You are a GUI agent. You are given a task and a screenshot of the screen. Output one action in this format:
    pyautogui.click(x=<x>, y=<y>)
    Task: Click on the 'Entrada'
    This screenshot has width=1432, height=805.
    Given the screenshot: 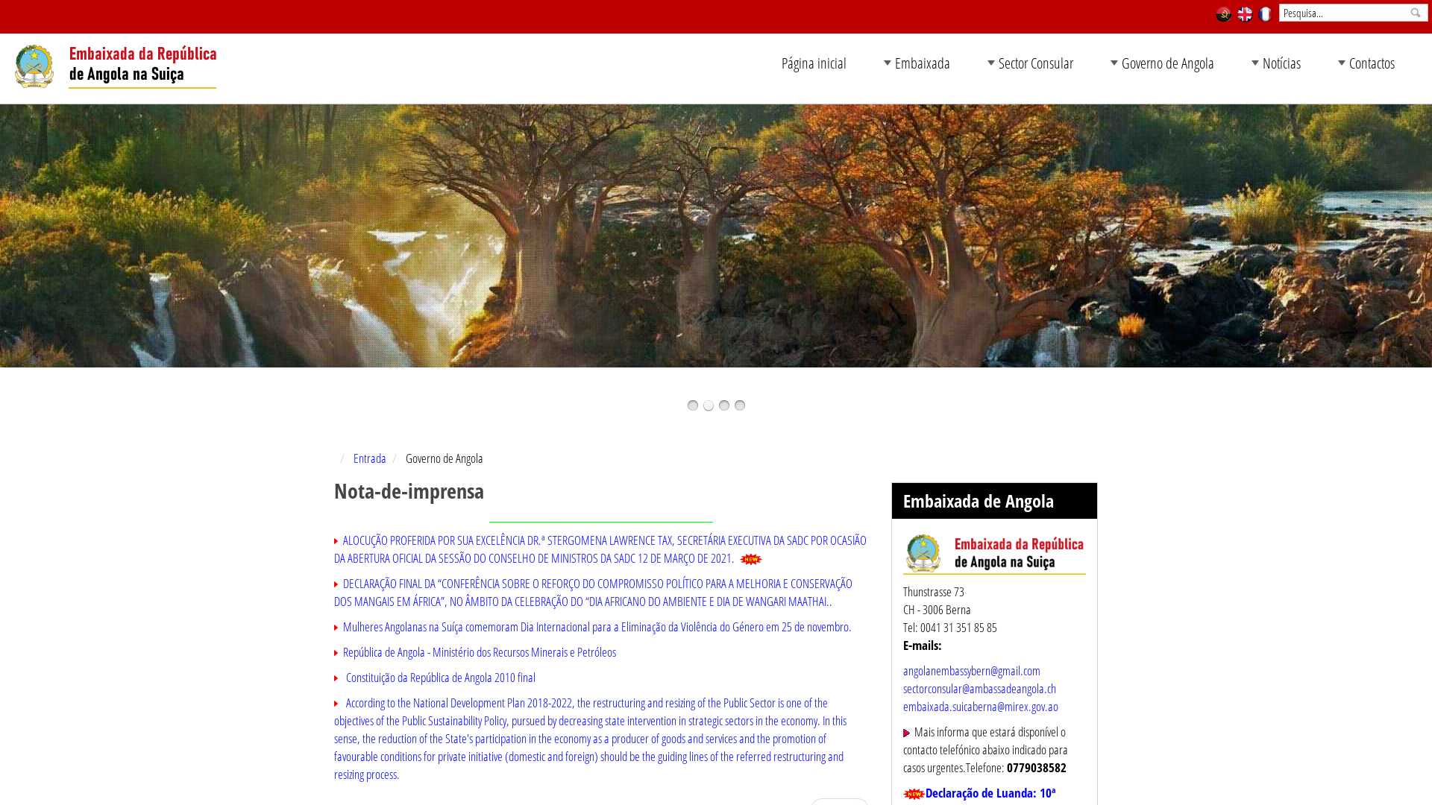 What is the action you would take?
    pyautogui.click(x=353, y=457)
    